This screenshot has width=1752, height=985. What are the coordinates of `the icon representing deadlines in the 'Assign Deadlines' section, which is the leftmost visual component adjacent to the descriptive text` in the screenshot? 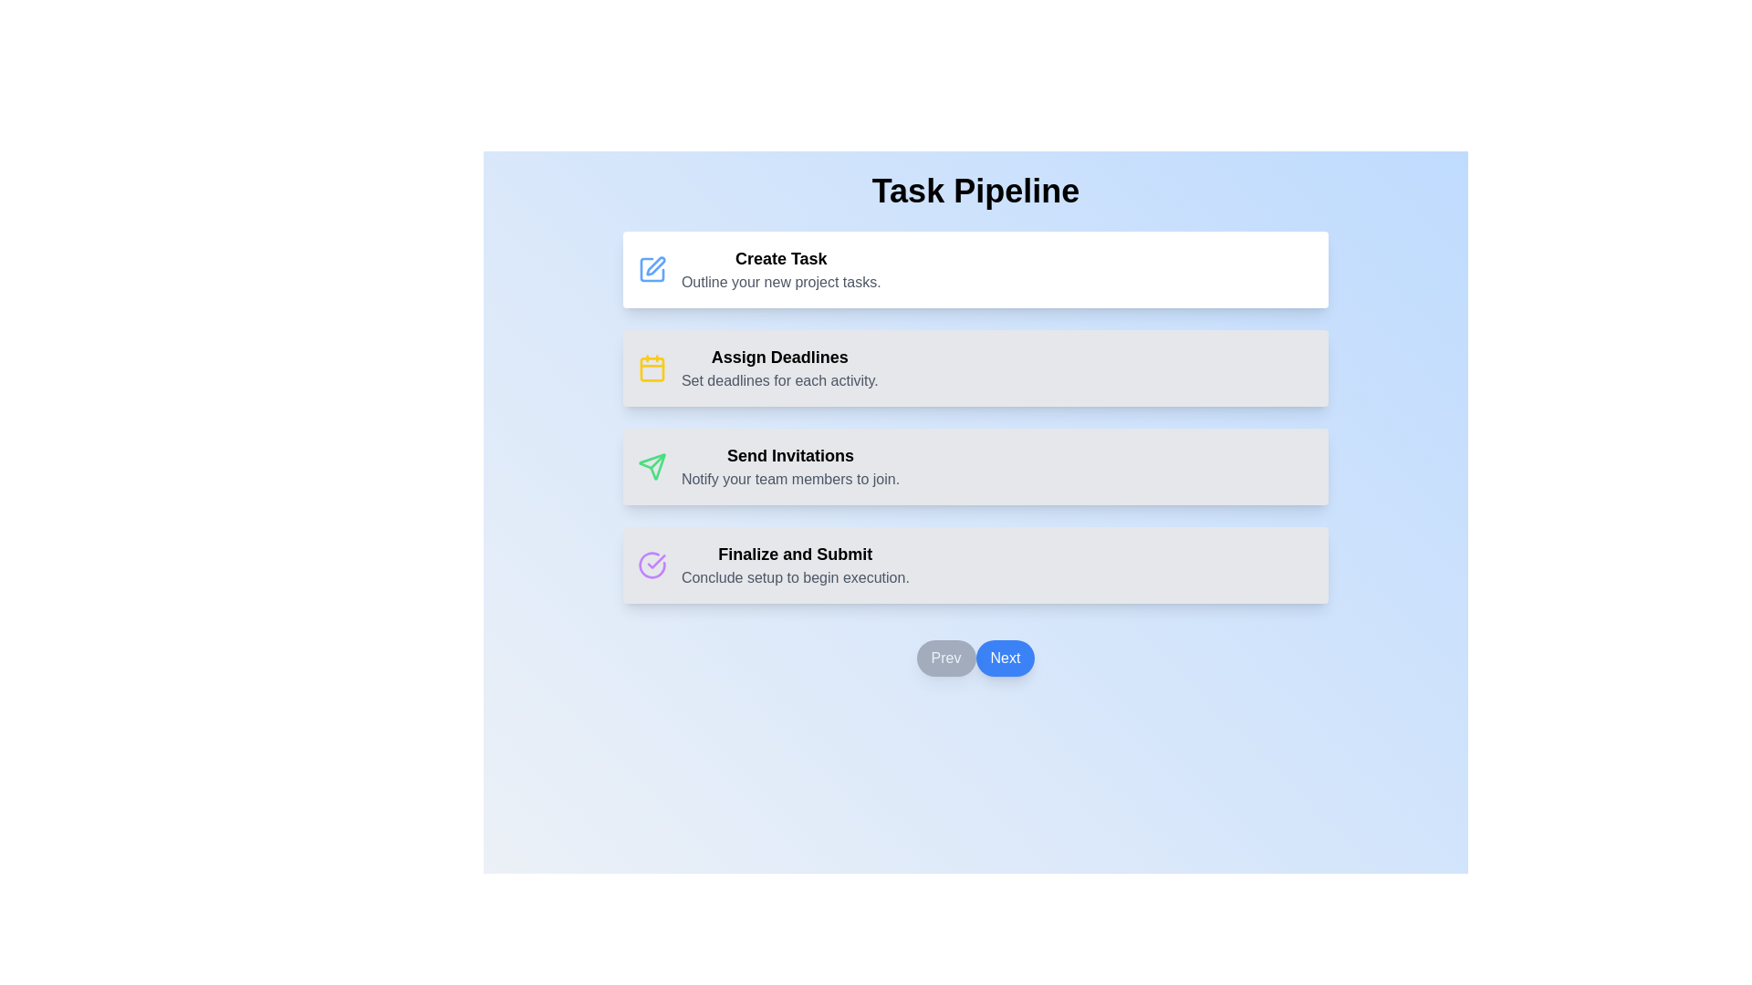 It's located at (652, 368).